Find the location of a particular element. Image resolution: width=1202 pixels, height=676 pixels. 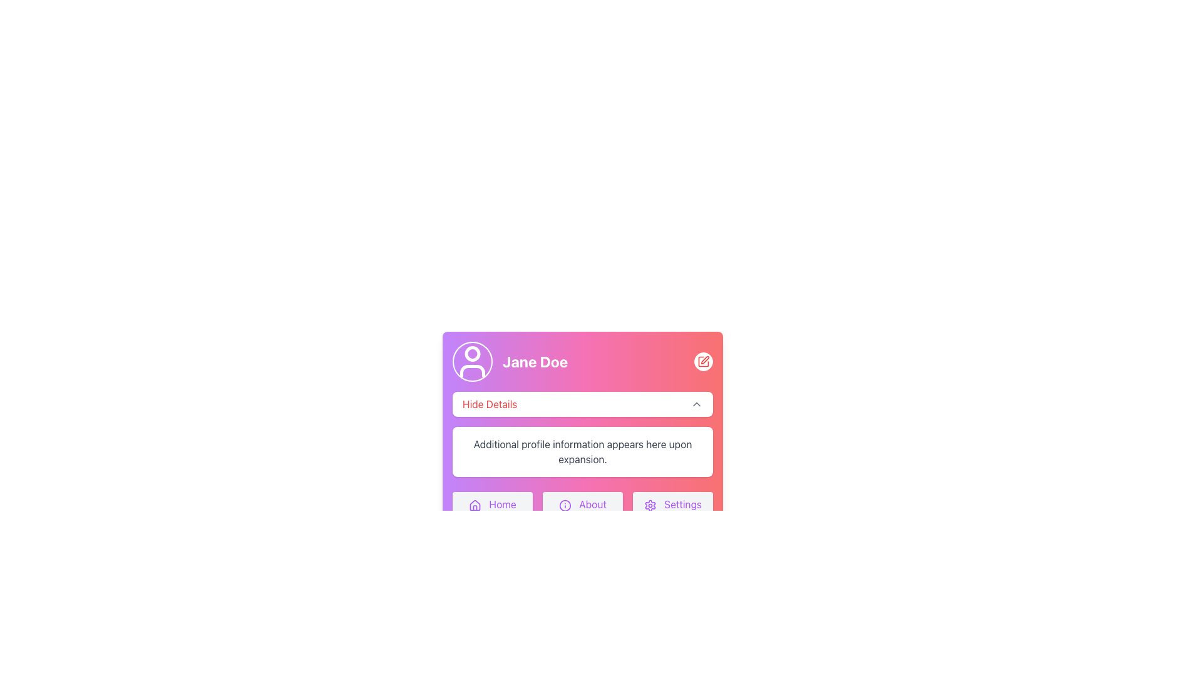

the gear-like settings icon located in the bottom navigation bar is located at coordinates (650, 504).